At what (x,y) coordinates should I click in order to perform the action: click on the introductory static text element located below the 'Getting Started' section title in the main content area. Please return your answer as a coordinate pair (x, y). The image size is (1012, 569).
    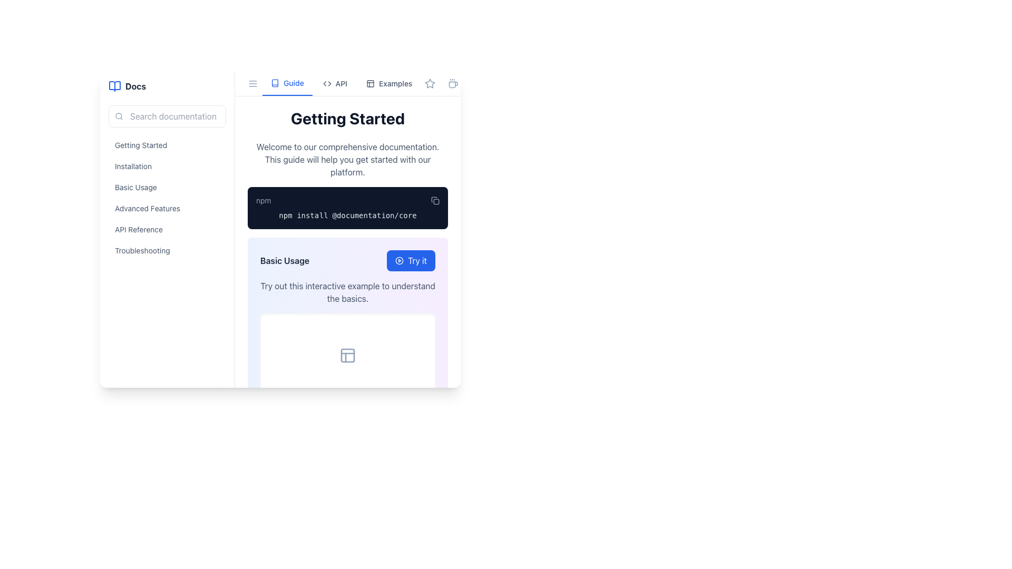
    Looking at the image, I should click on (348, 160).